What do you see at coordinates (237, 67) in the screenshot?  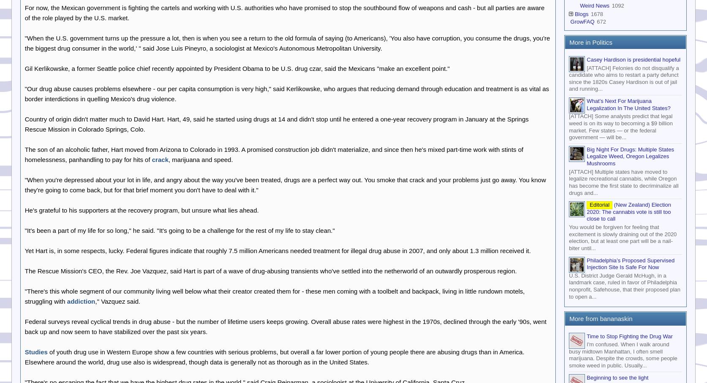 I see `'Gil Kerlikowske, a former Seattle police chief recently appointed by President Obama to be U.S. drug czar, said the Mexicans "make an excellent point."'` at bounding box center [237, 67].